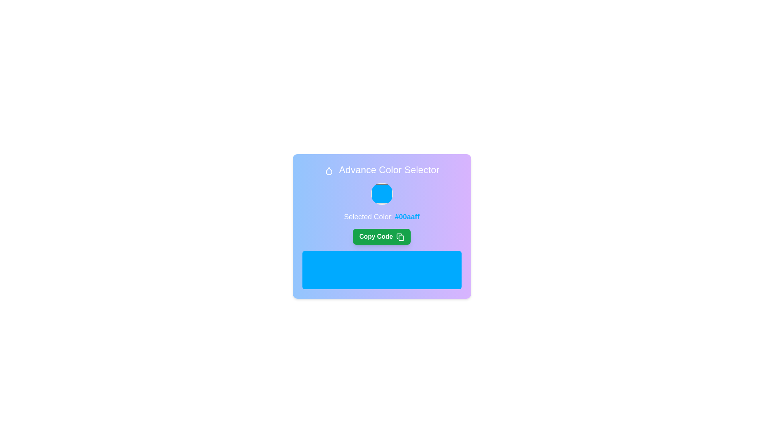 This screenshot has width=764, height=429. What do you see at coordinates (381, 217) in the screenshot?
I see `the text label stating 'Selected Color: #00aaff', which is styled in bold blue font and located below the circular color preview` at bounding box center [381, 217].